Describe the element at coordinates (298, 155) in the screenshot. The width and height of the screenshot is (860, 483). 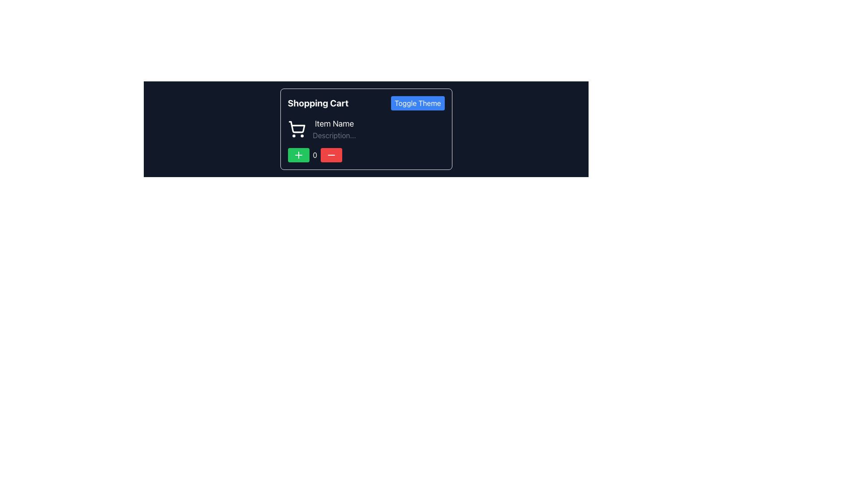
I see `the interactive button that increments a count, positioned to the left of a text element showing '0'` at that location.